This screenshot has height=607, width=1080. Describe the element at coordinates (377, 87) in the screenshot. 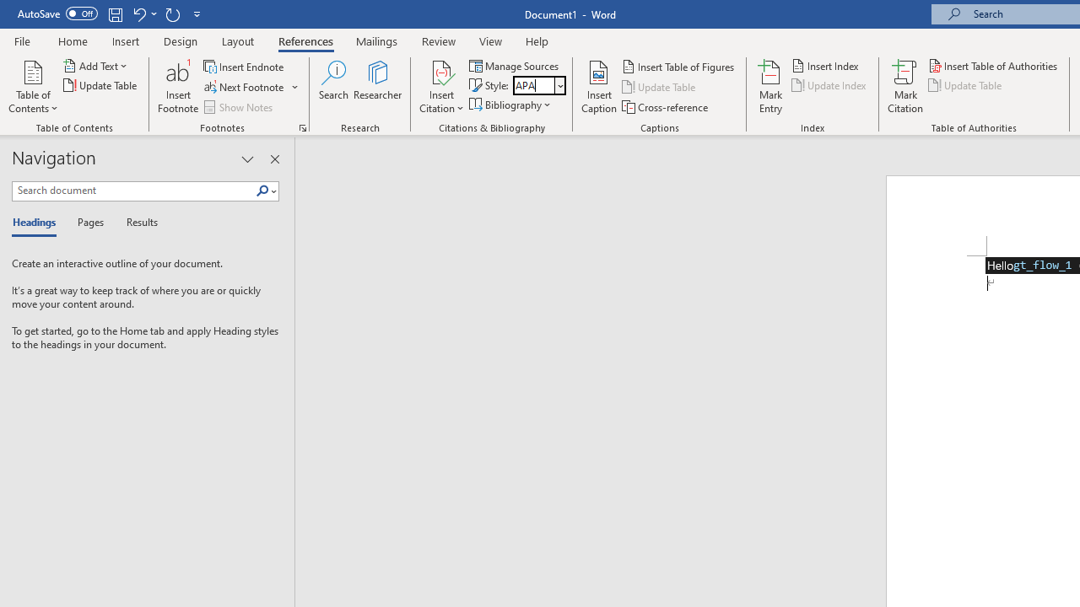

I see `'Researcher'` at that location.